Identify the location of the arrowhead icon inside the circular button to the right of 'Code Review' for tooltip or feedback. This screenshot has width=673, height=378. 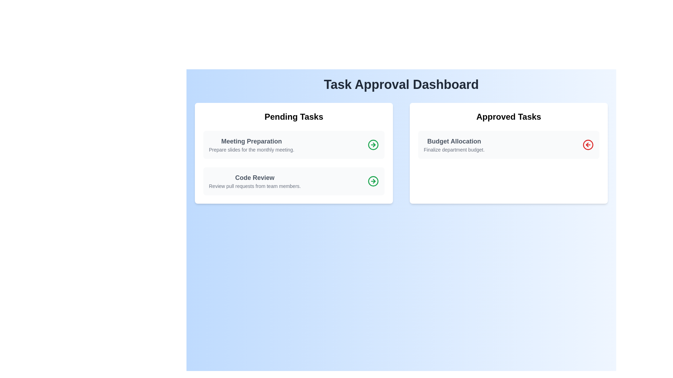
(374, 144).